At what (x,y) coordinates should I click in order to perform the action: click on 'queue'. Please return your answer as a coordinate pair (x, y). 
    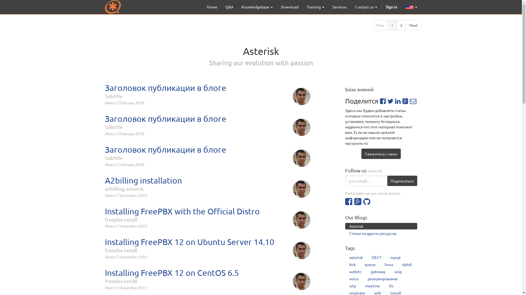
    Looking at the image, I should click on (370, 264).